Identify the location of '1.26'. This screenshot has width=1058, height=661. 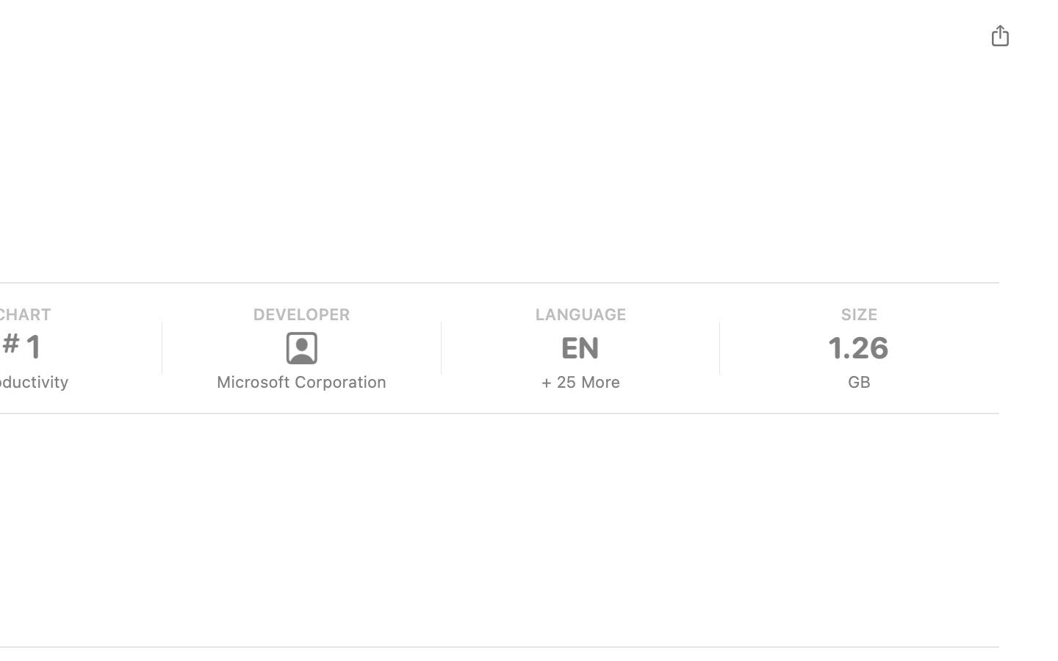
(857, 347).